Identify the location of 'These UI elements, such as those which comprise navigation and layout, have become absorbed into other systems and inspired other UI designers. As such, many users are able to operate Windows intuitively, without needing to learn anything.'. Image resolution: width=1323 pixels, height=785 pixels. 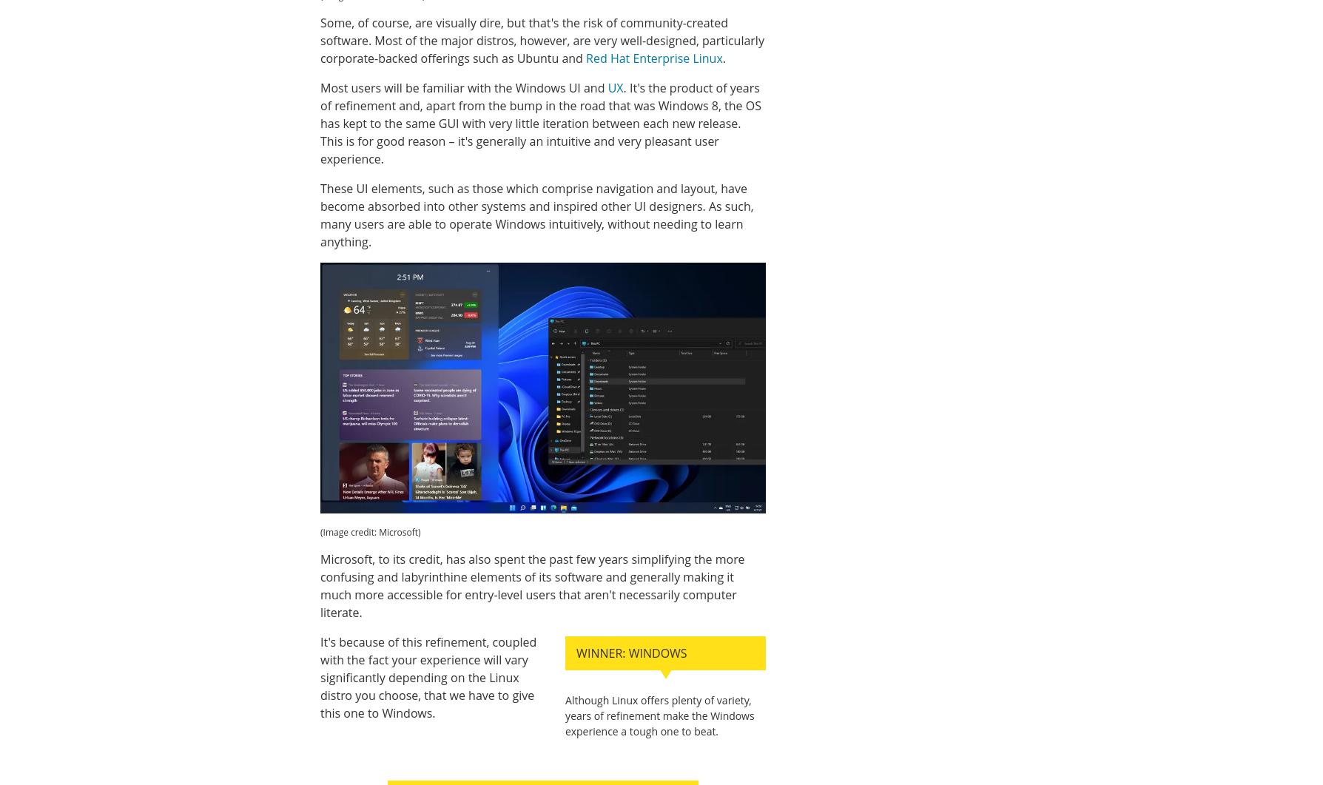
(536, 213).